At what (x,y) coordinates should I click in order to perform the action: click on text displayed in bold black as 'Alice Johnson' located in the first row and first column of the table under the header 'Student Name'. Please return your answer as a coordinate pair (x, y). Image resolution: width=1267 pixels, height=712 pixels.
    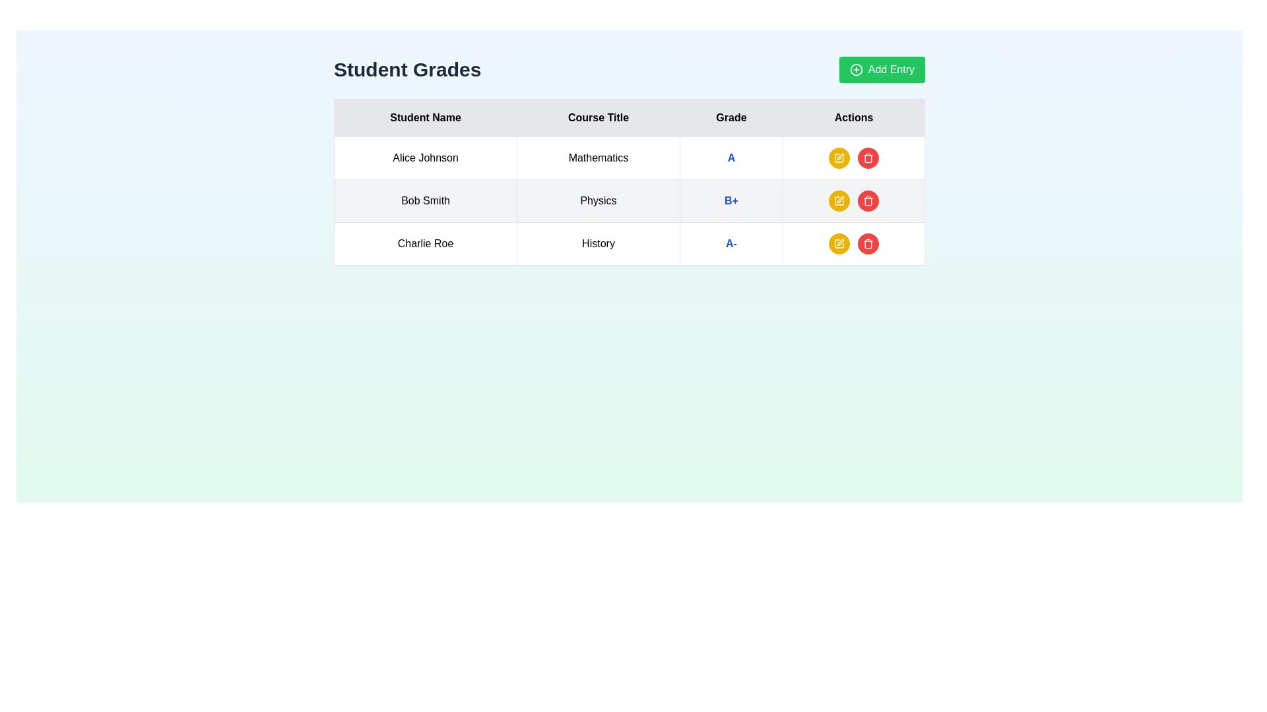
    Looking at the image, I should click on (426, 157).